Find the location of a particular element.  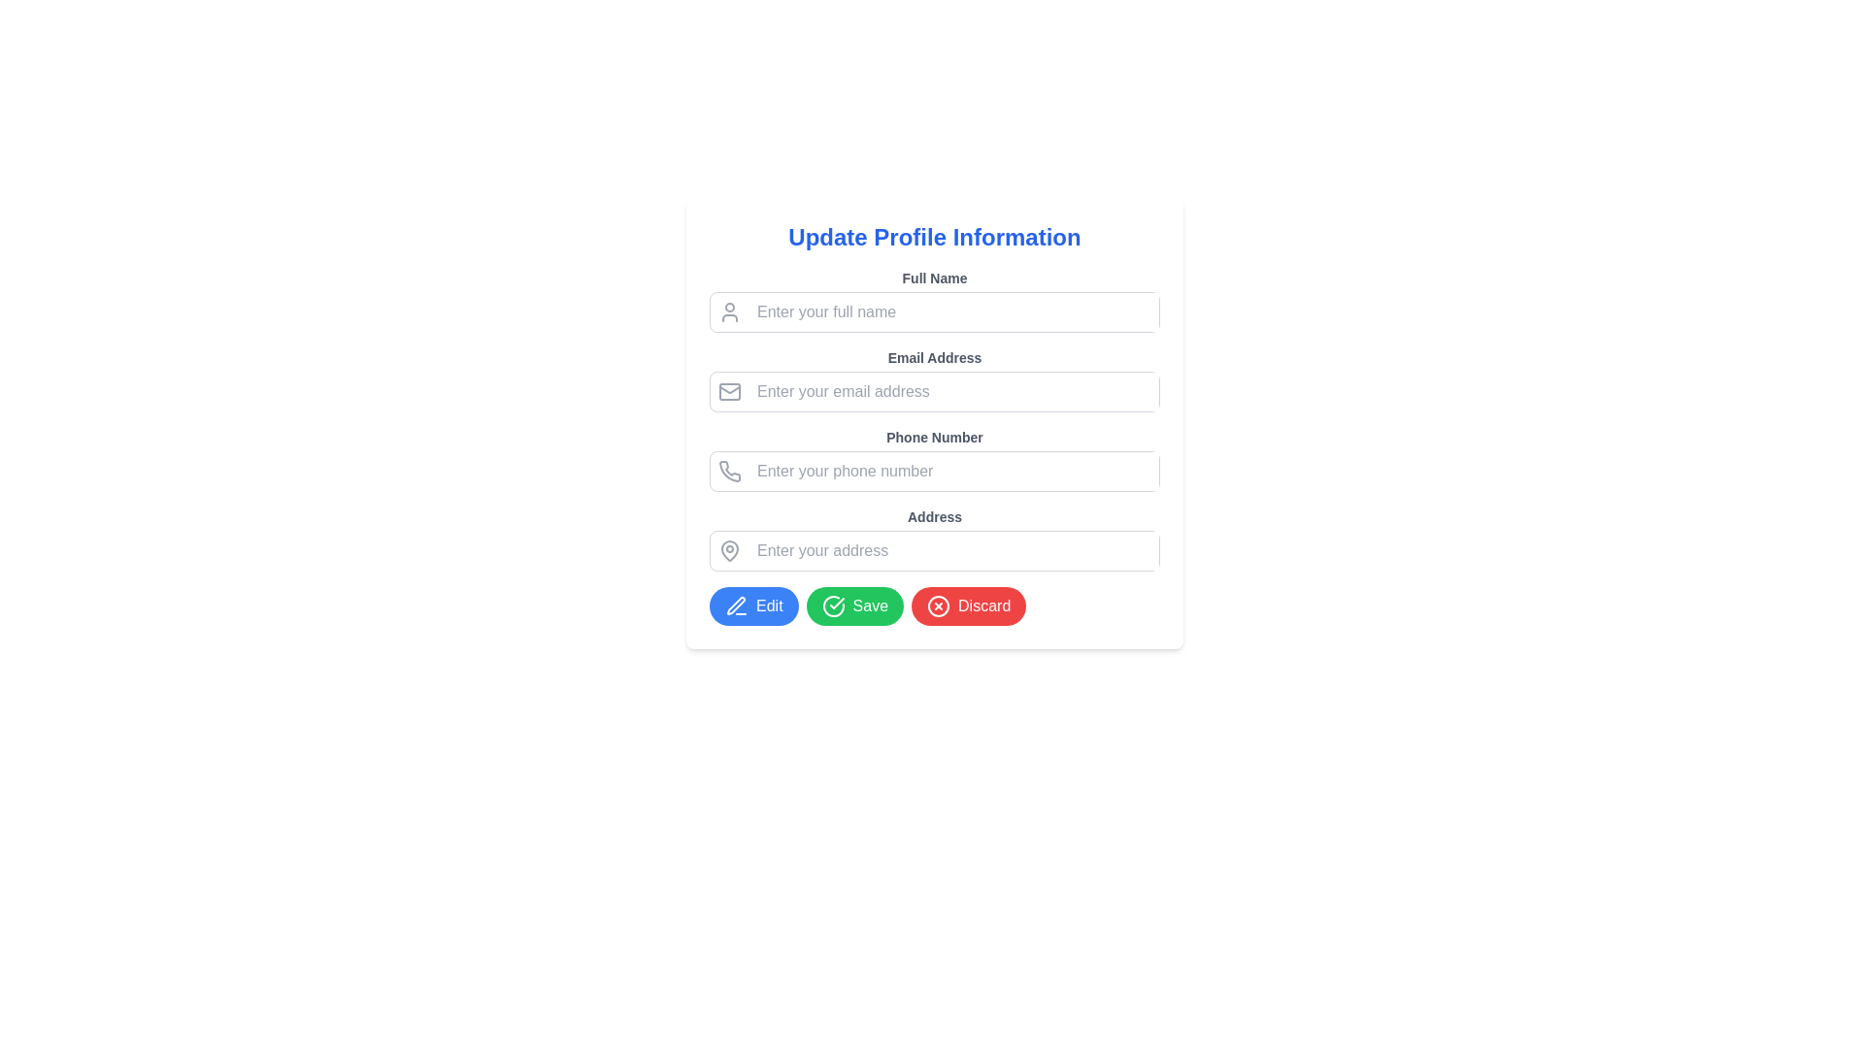

the email icon that visually indicates the email input field, located at the start of the 'Email Address' input field is located at coordinates (729, 392).